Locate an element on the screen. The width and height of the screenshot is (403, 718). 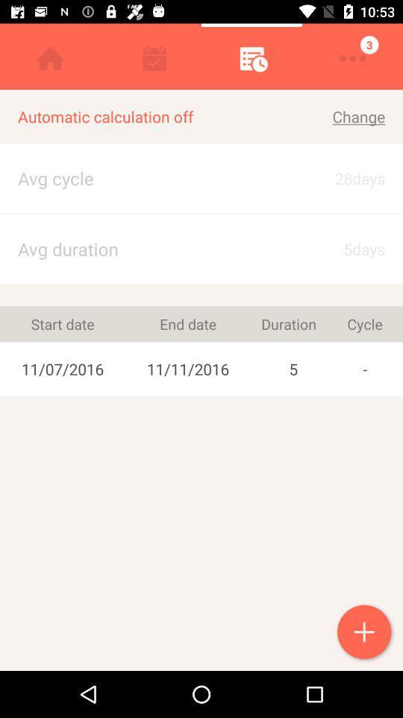
the icon next to the change icon is located at coordinates (151, 116).